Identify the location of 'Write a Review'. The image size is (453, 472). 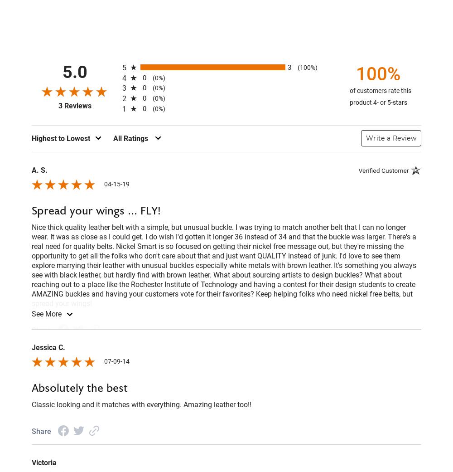
(390, 137).